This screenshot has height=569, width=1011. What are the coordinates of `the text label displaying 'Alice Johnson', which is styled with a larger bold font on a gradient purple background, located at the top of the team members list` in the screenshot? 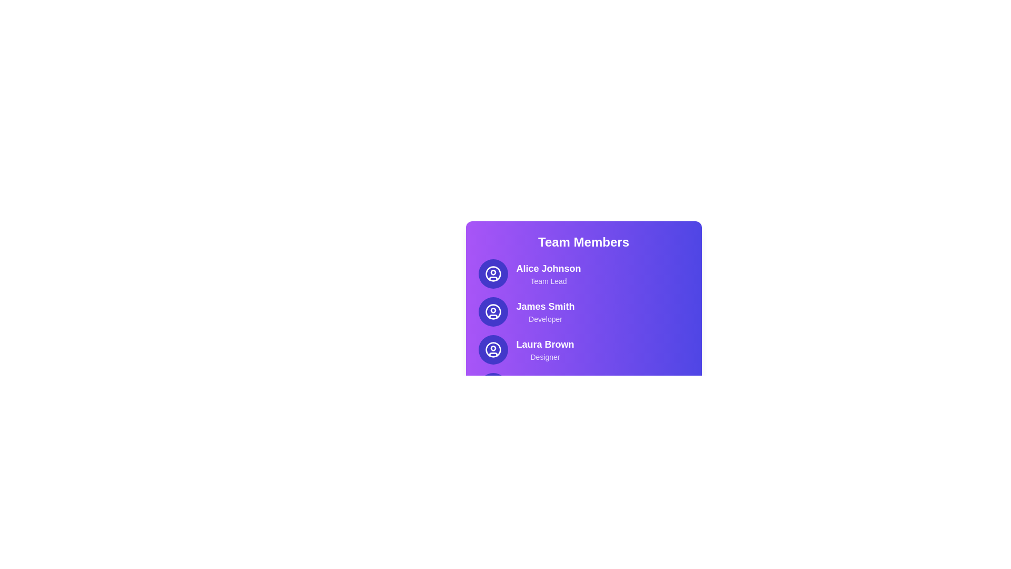 It's located at (548, 268).